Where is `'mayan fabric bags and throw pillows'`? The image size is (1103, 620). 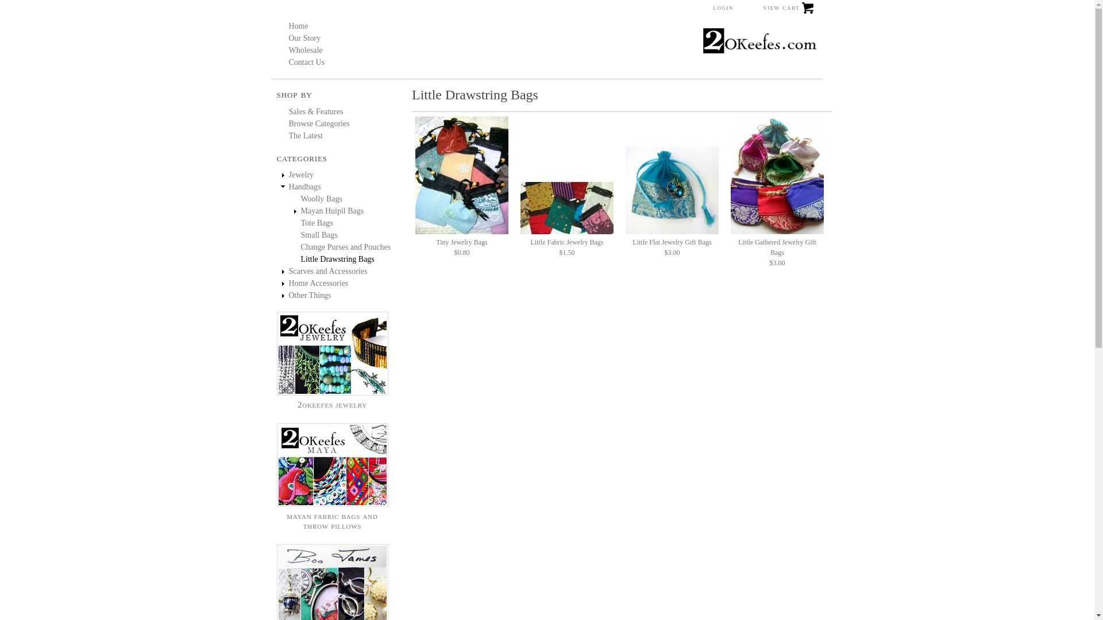
'mayan fabric bags and throw pillows' is located at coordinates (276, 515).